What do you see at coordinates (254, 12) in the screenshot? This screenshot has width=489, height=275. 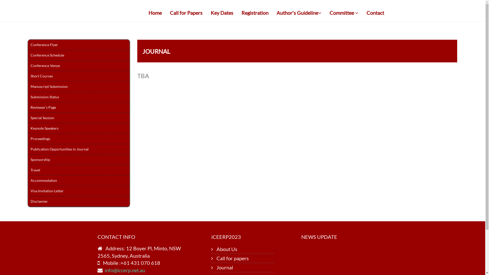 I see `'Registration'` at bounding box center [254, 12].